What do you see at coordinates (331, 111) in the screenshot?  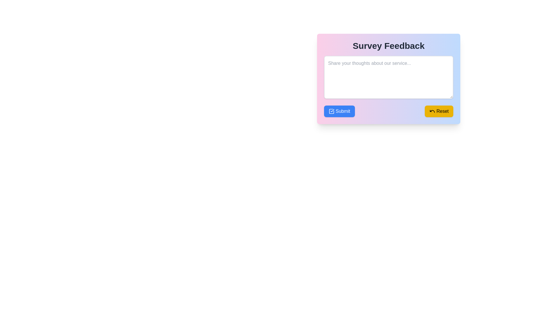 I see `the Decorative SVG element containing the checkmark within the blue 'Submit' button` at bounding box center [331, 111].